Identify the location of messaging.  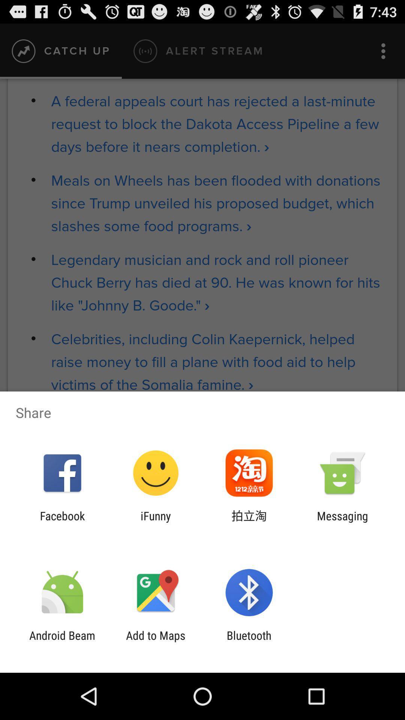
(342, 522).